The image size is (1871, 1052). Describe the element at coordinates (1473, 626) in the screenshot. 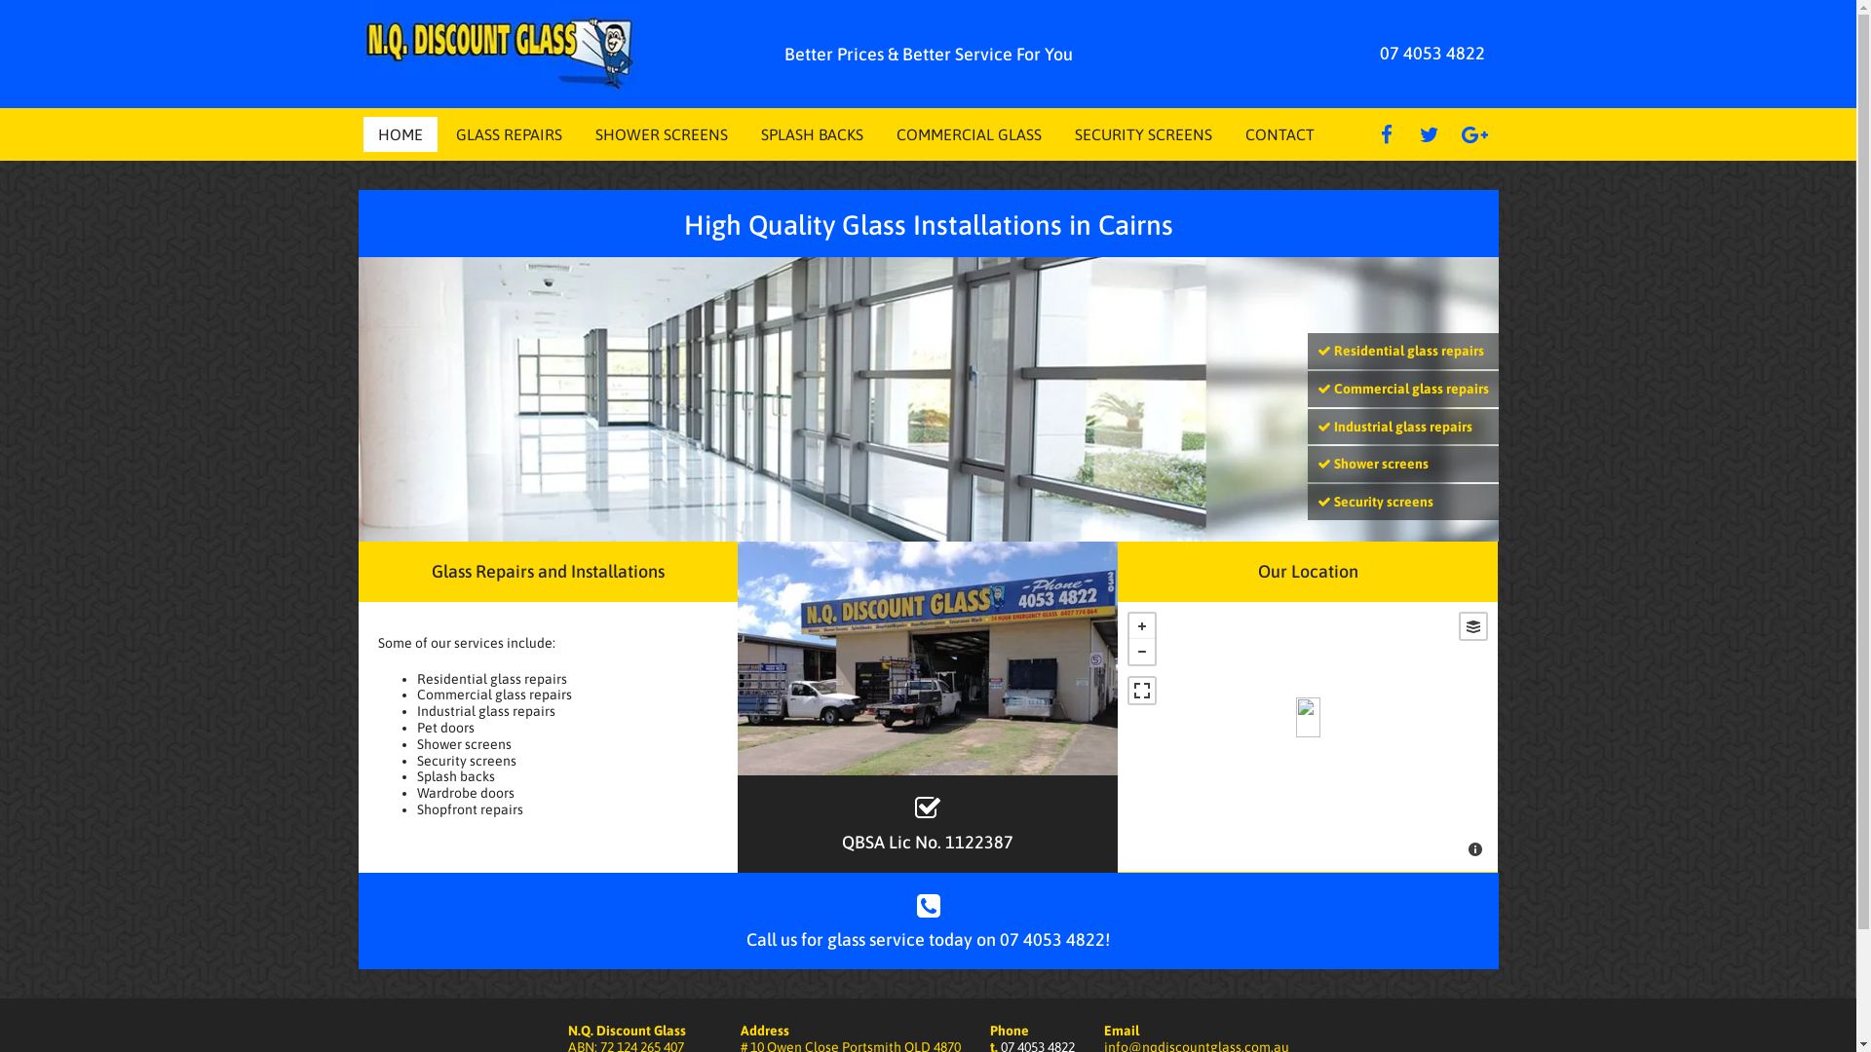

I see `'Layers'` at that location.